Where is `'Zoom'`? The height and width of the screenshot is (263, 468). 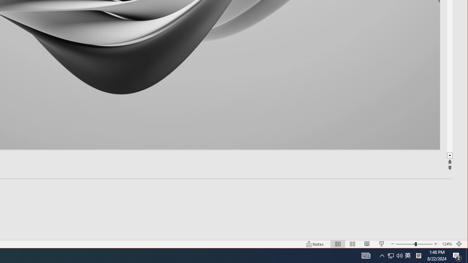 'Zoom' is located at coordinates (414, 244).